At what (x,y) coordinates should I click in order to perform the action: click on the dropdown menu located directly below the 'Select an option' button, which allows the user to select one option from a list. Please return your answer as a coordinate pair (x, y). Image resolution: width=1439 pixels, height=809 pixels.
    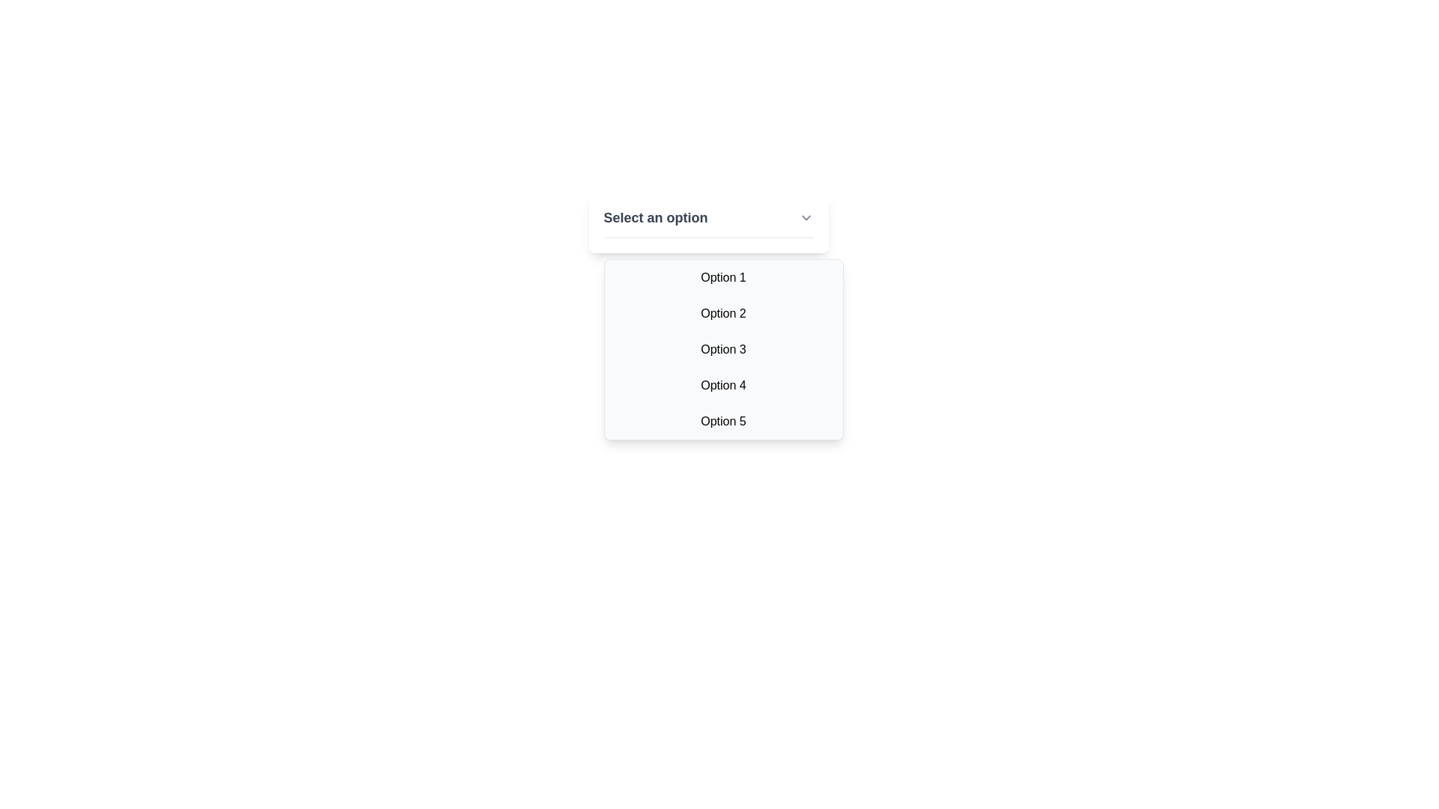
    Looking at the image, I should click on (723, 349).